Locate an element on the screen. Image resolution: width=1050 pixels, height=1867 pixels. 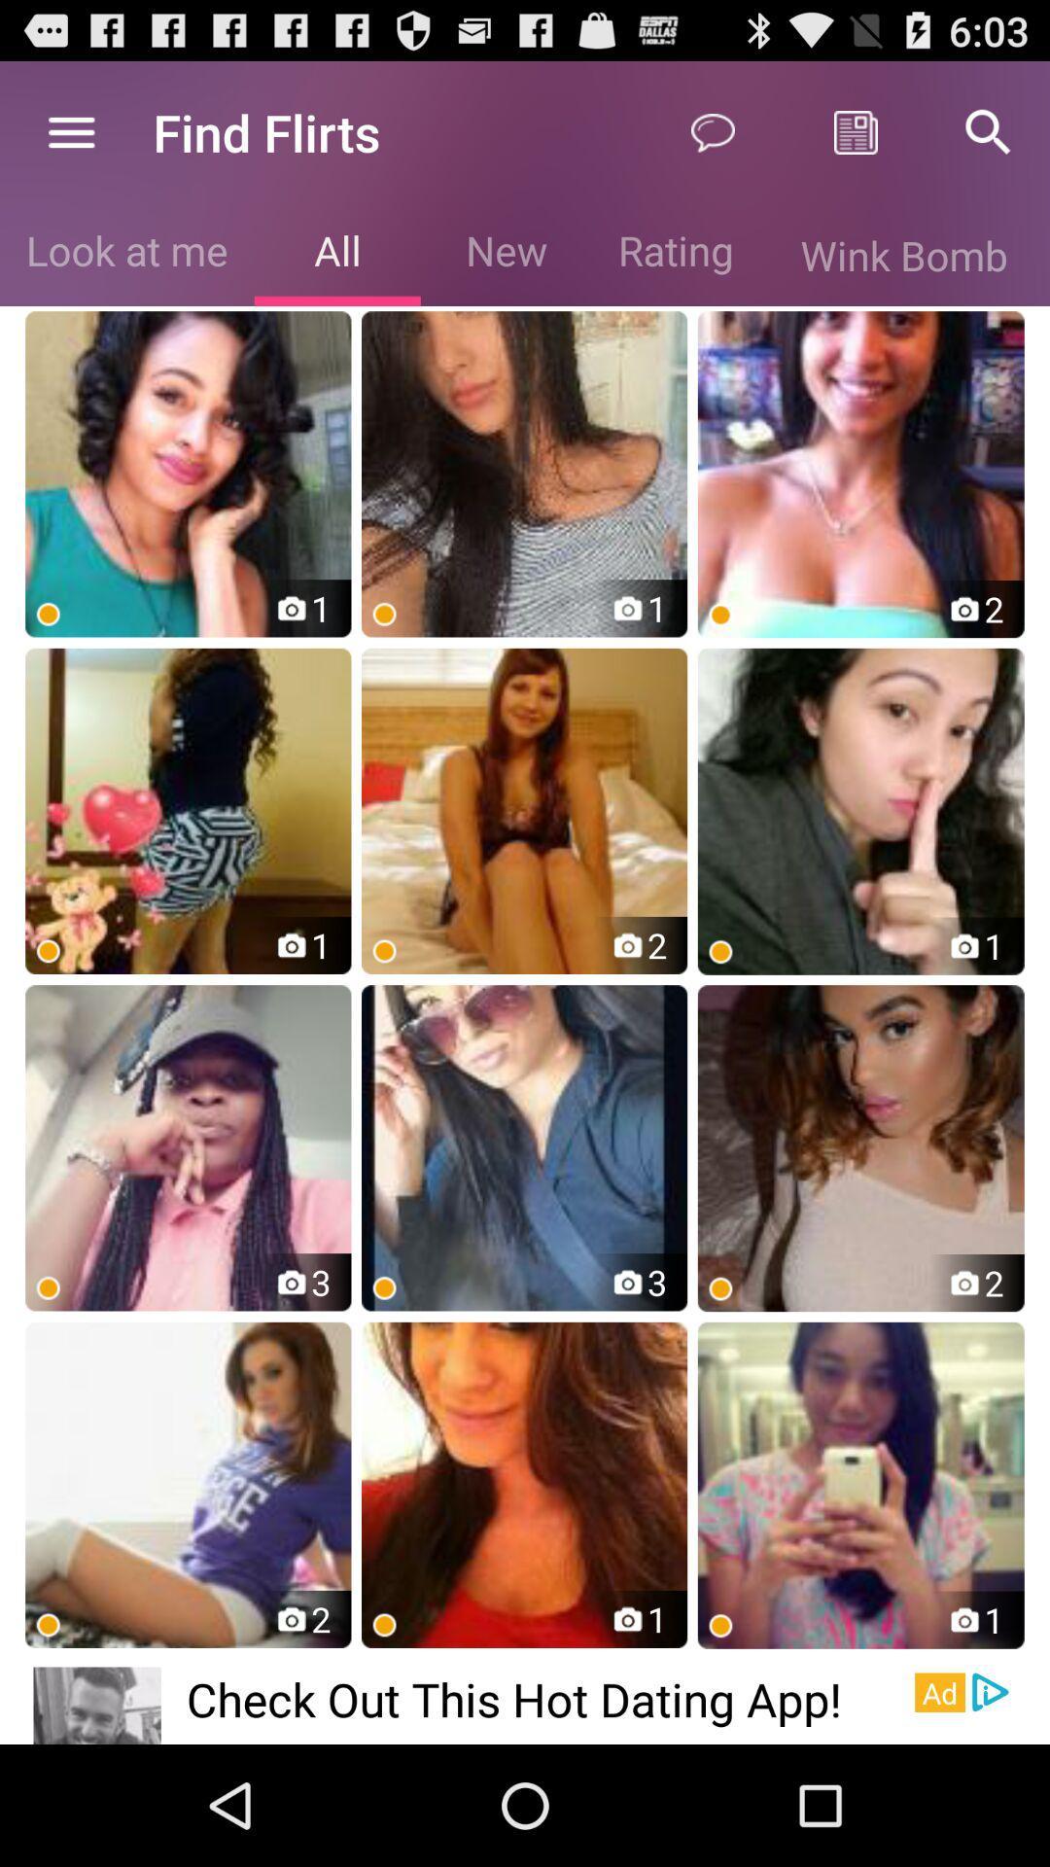
icon above check out this app is located at coordinates (523, 1484).